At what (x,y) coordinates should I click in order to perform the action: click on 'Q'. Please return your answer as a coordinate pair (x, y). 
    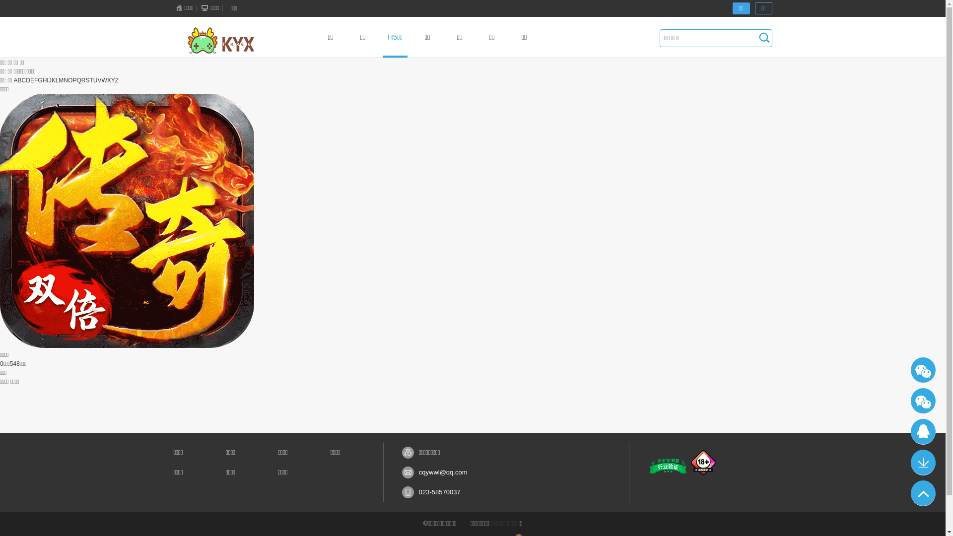
    Looking at the image, I should click on (75, 80).